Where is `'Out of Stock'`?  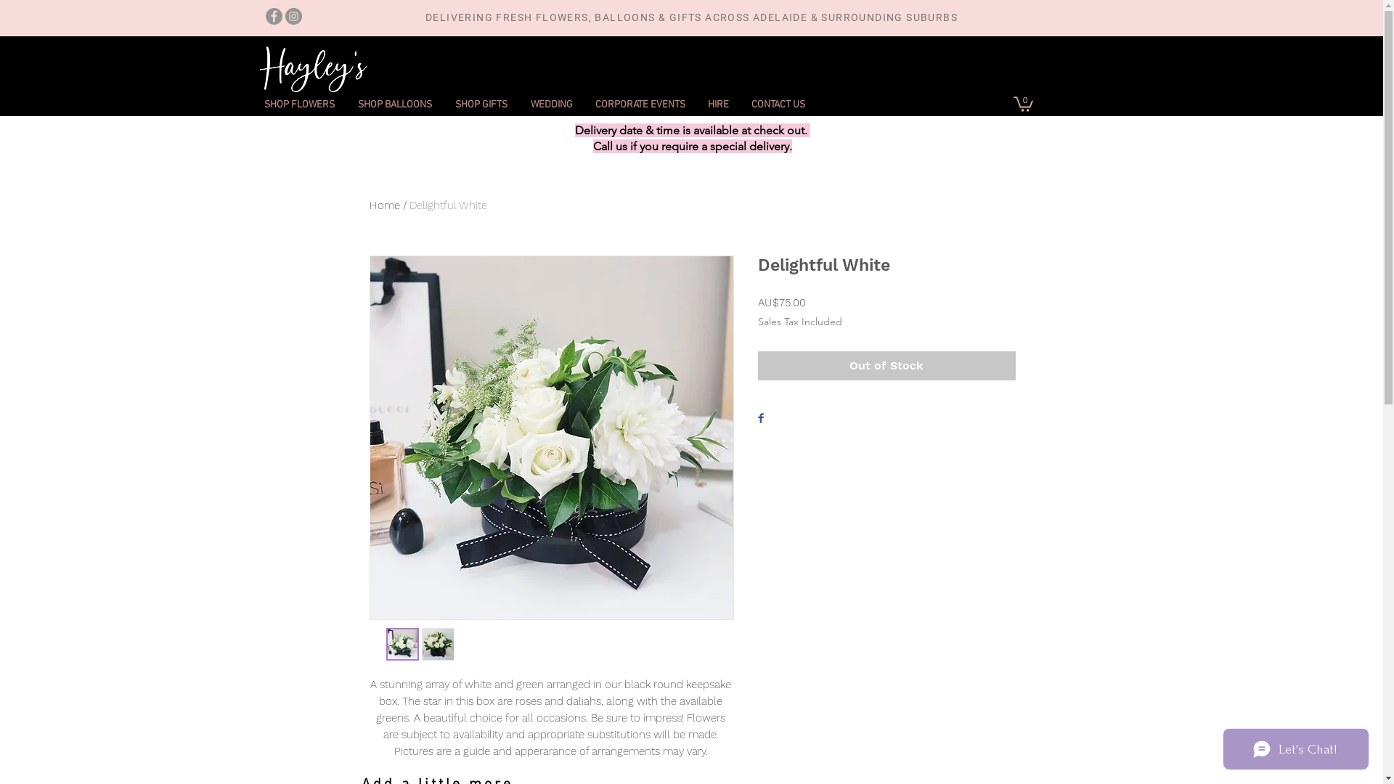 'Out of Stock' is located at coordinates (886, 365).